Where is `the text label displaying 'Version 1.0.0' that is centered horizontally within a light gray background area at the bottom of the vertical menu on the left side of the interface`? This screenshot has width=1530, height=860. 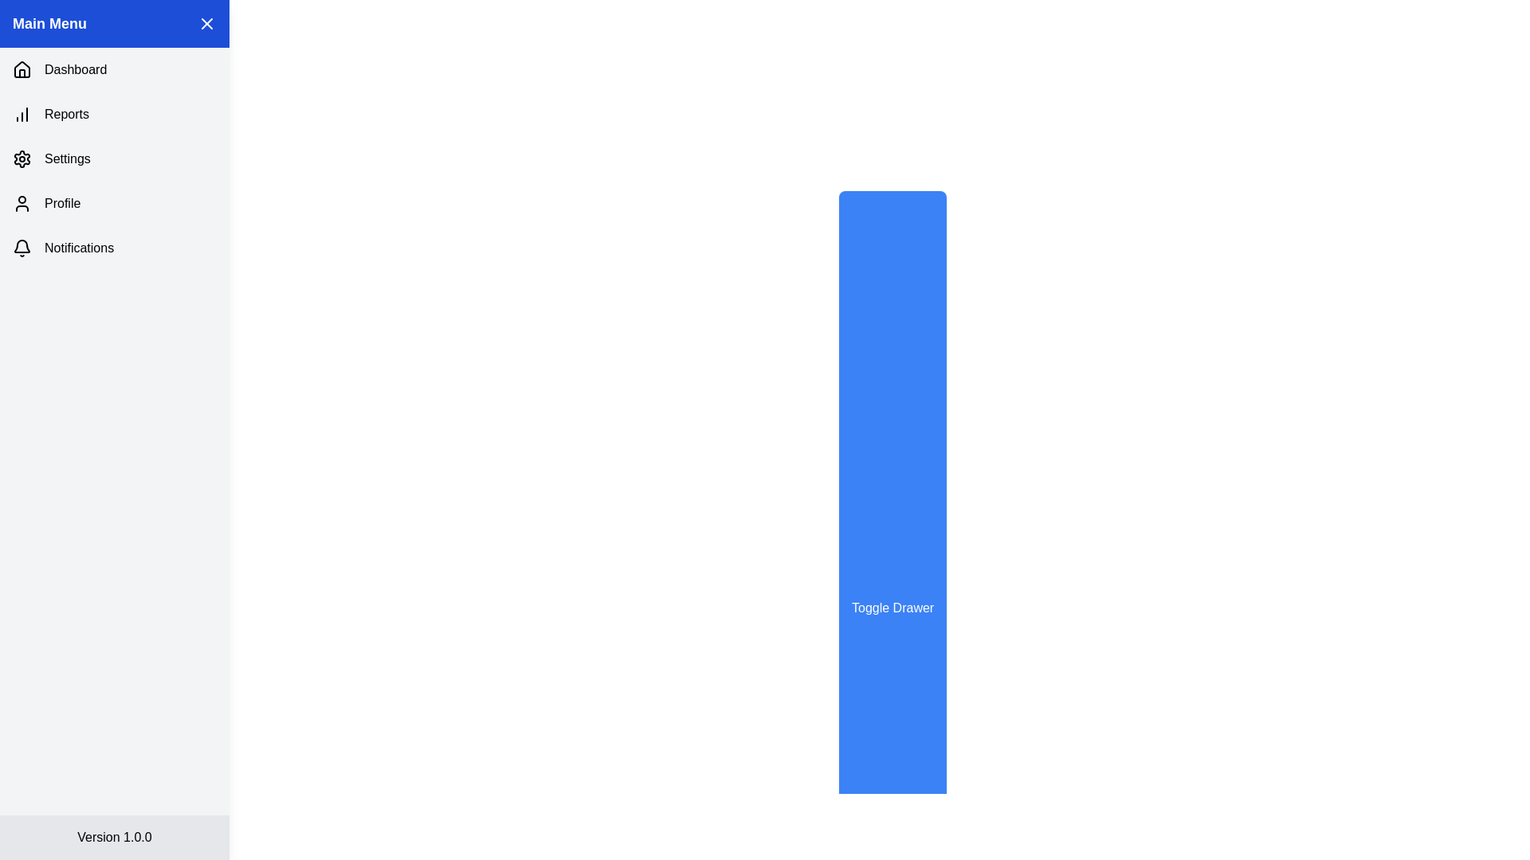 the text label displaying 'Version 1.0.0' that is centered horizontally within a light gray background area at the bottom of the vertical menu on the left side of the interface is located at coordinates (114, 837).